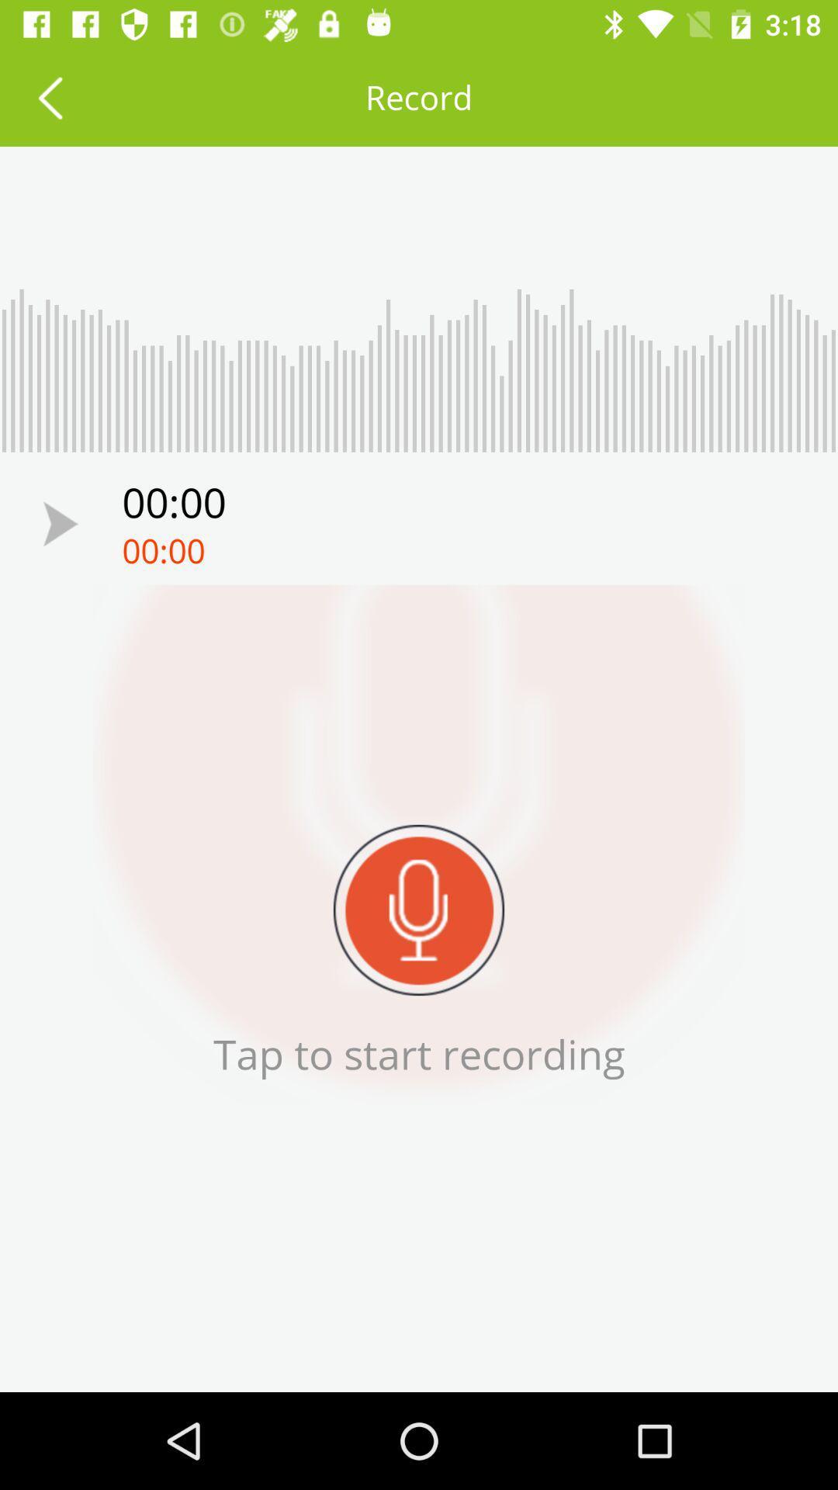 The image size is (838, 1490). I want to click on previous, so click(60, 524).